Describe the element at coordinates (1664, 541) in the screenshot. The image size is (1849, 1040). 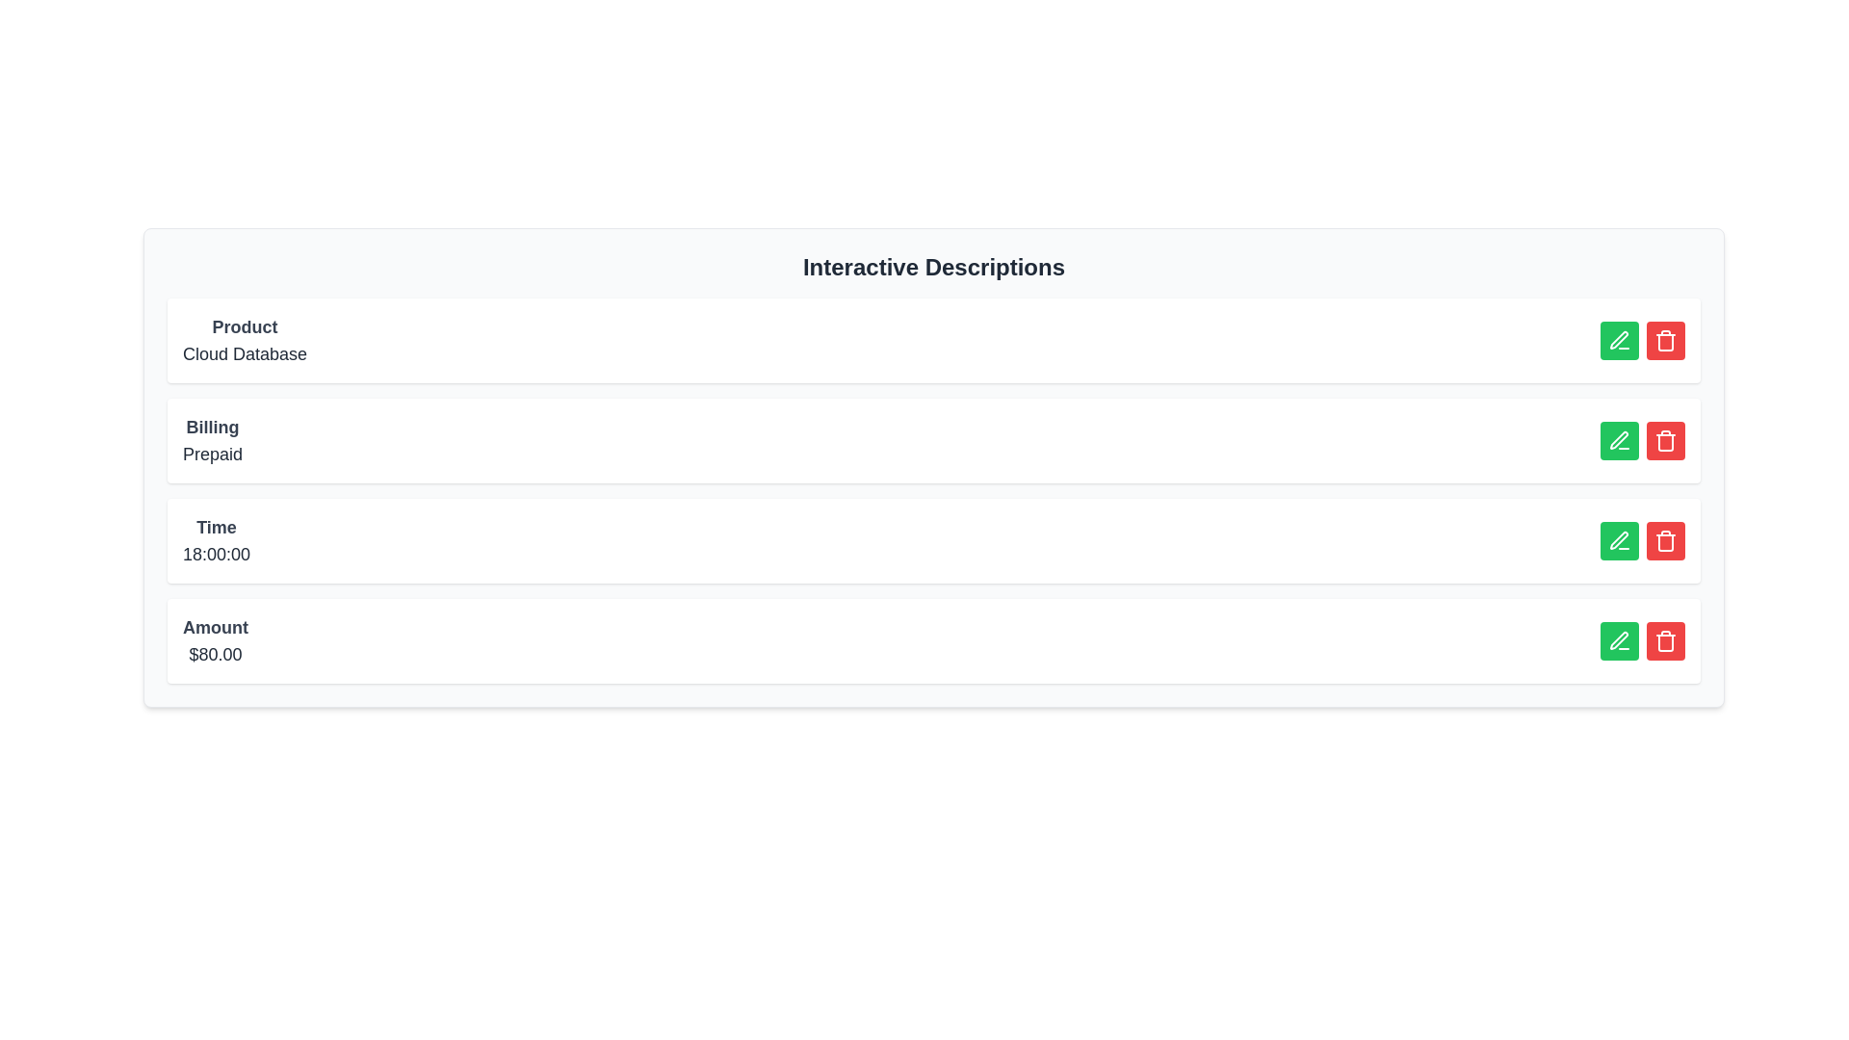
I see `the red button located on the far-right of a pair of buttons` at that location.